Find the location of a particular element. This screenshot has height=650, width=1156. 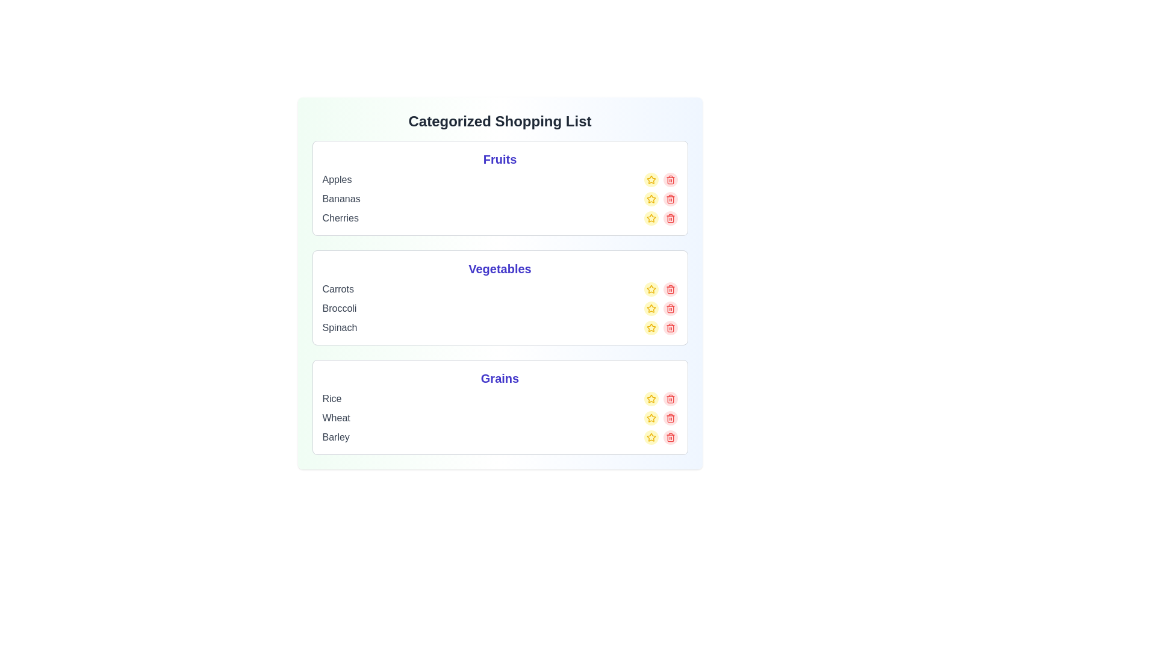

the star icon of the item Cherries to mark it as favorite is located at coordinates (650, 218).